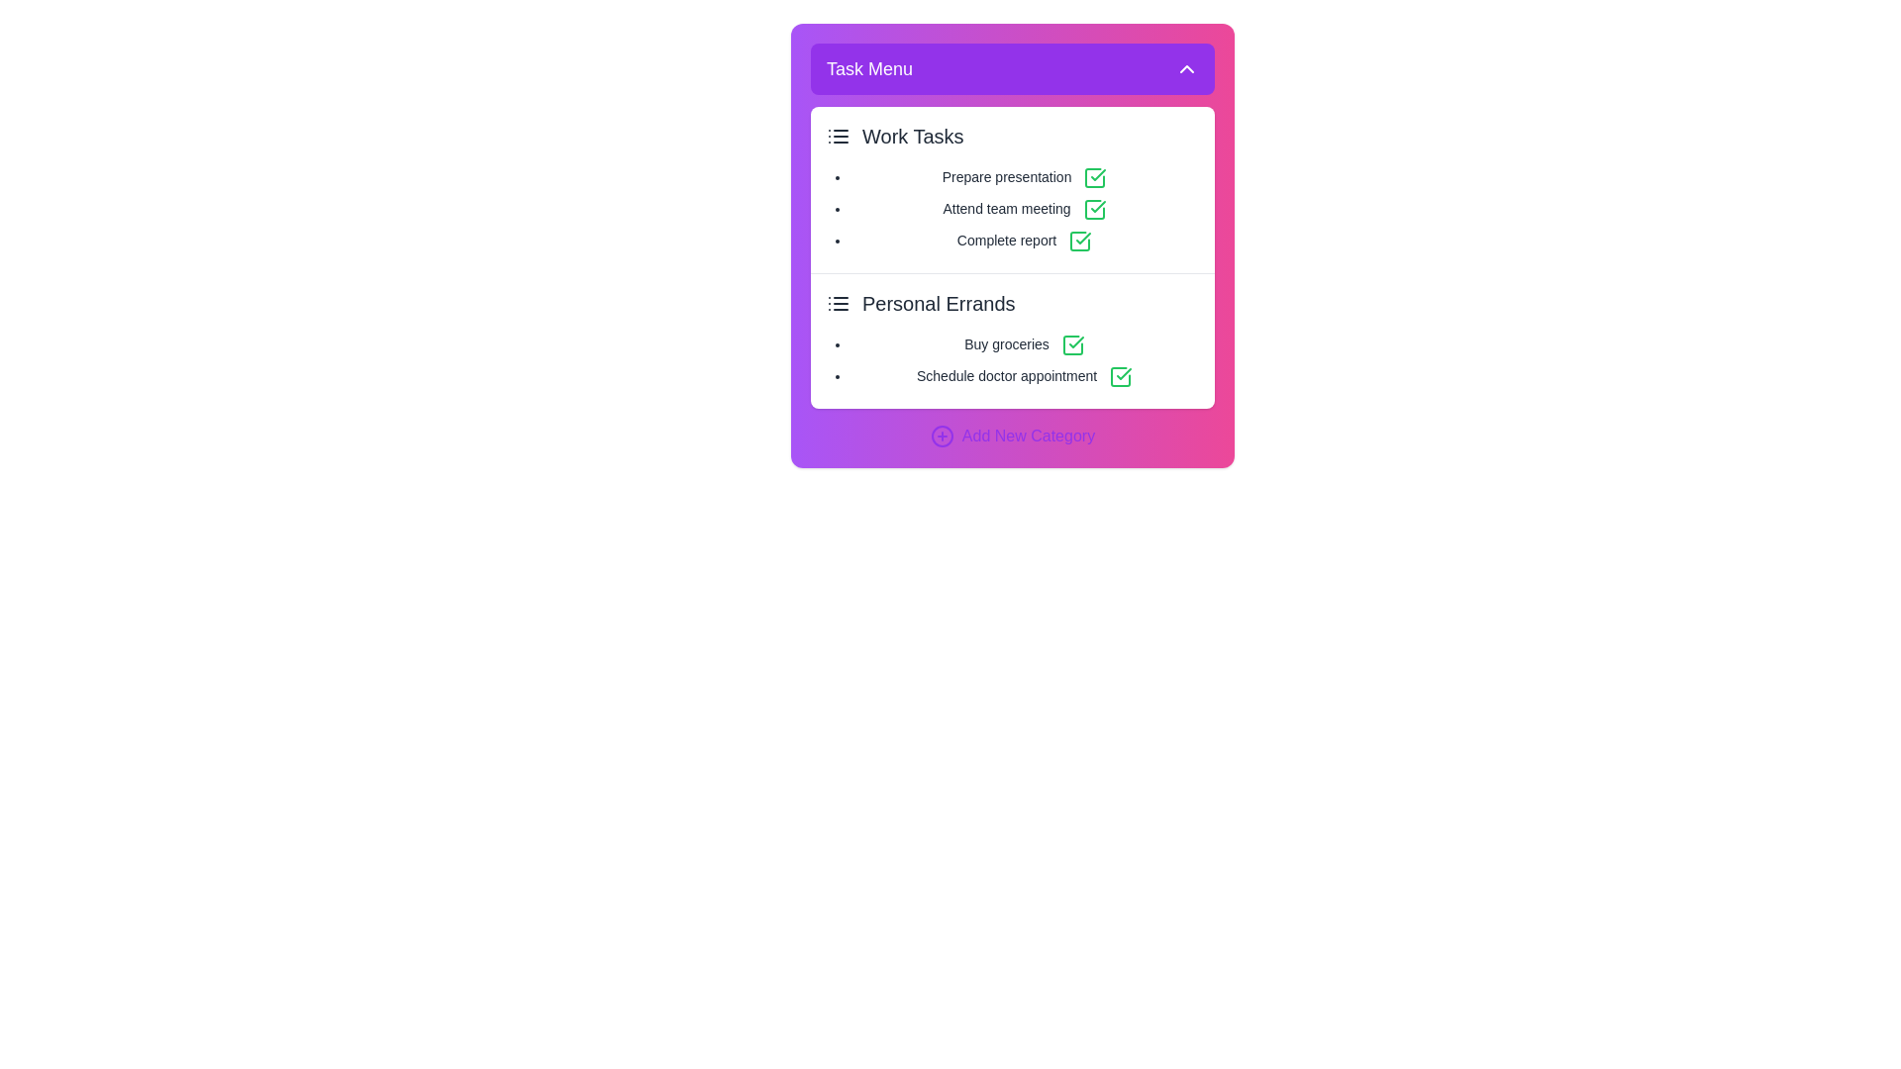 The height and width of the screenshot is (1069, 1901). What do you see at coordinates (1025, 377) in the screenshot?
I see `the task named Schedule doctor appointment in the task list` at bounding box center [1025, 377].